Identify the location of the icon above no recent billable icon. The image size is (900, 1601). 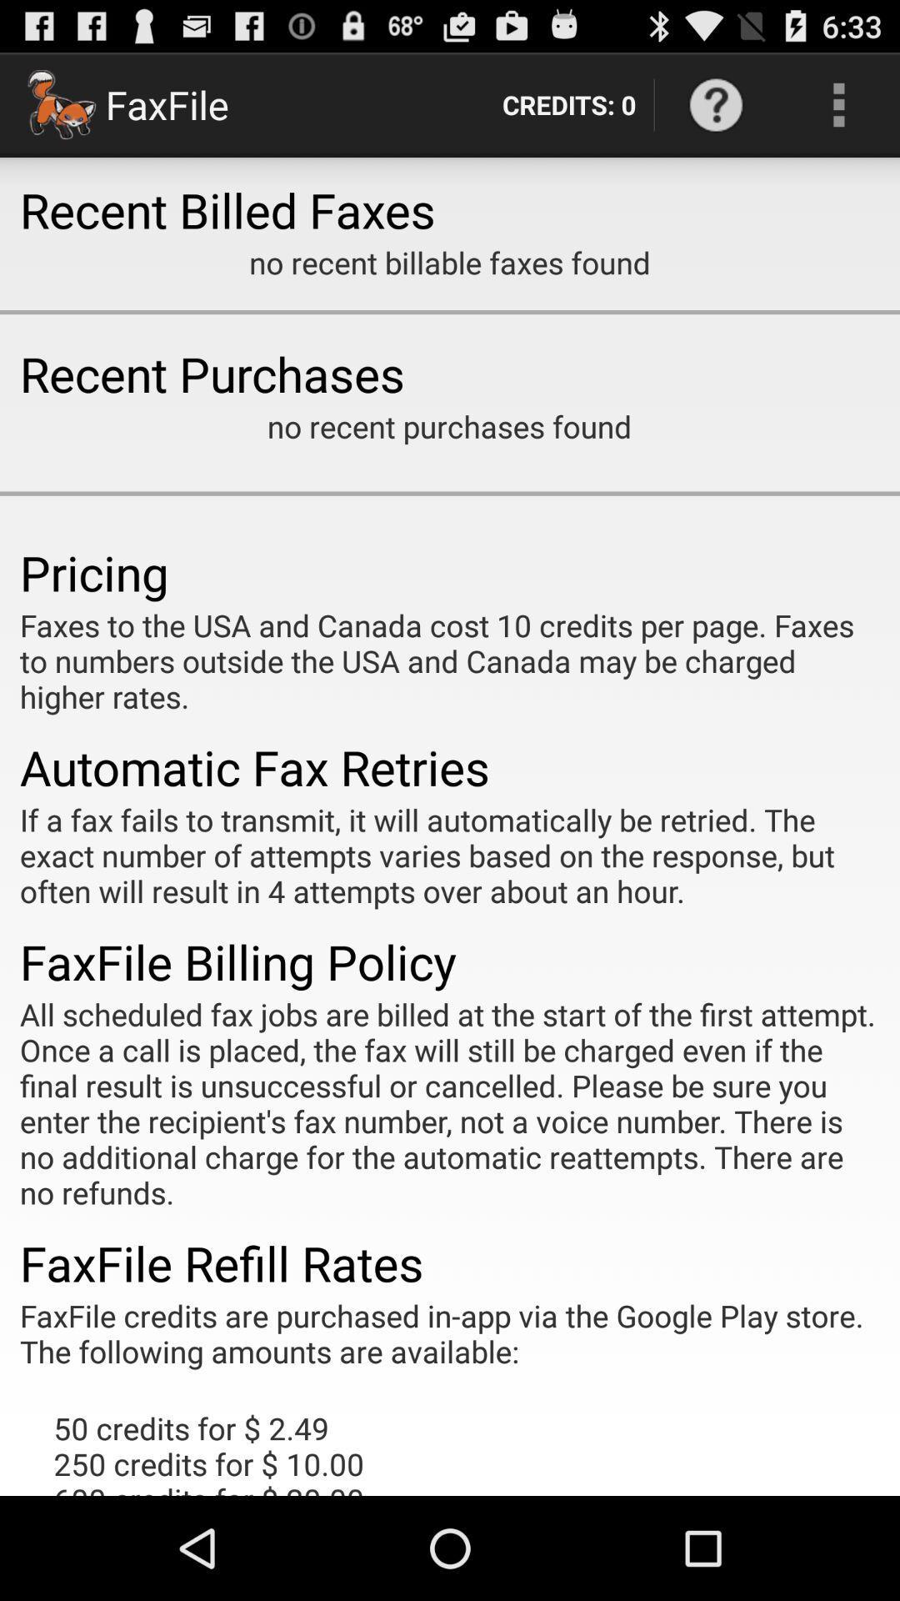
(715, 103).